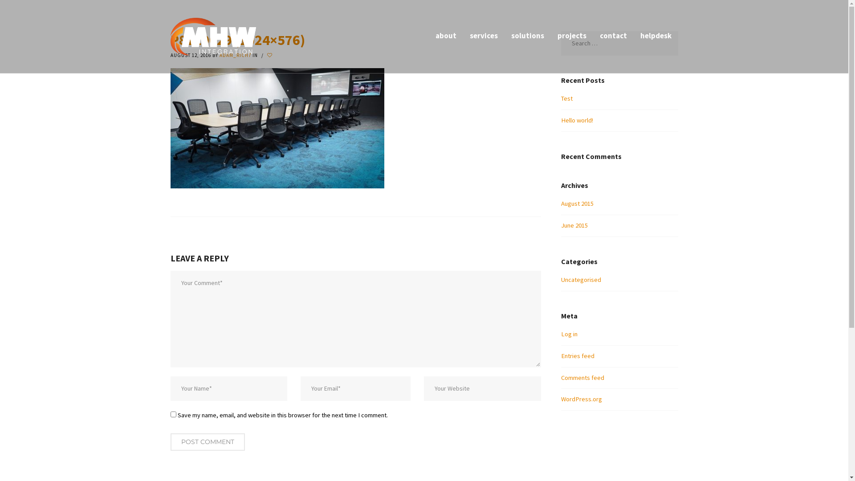  What do you see at coordinates (445, 36) in the screenshot?
I see `'about'` at bounding box center [445, 36].